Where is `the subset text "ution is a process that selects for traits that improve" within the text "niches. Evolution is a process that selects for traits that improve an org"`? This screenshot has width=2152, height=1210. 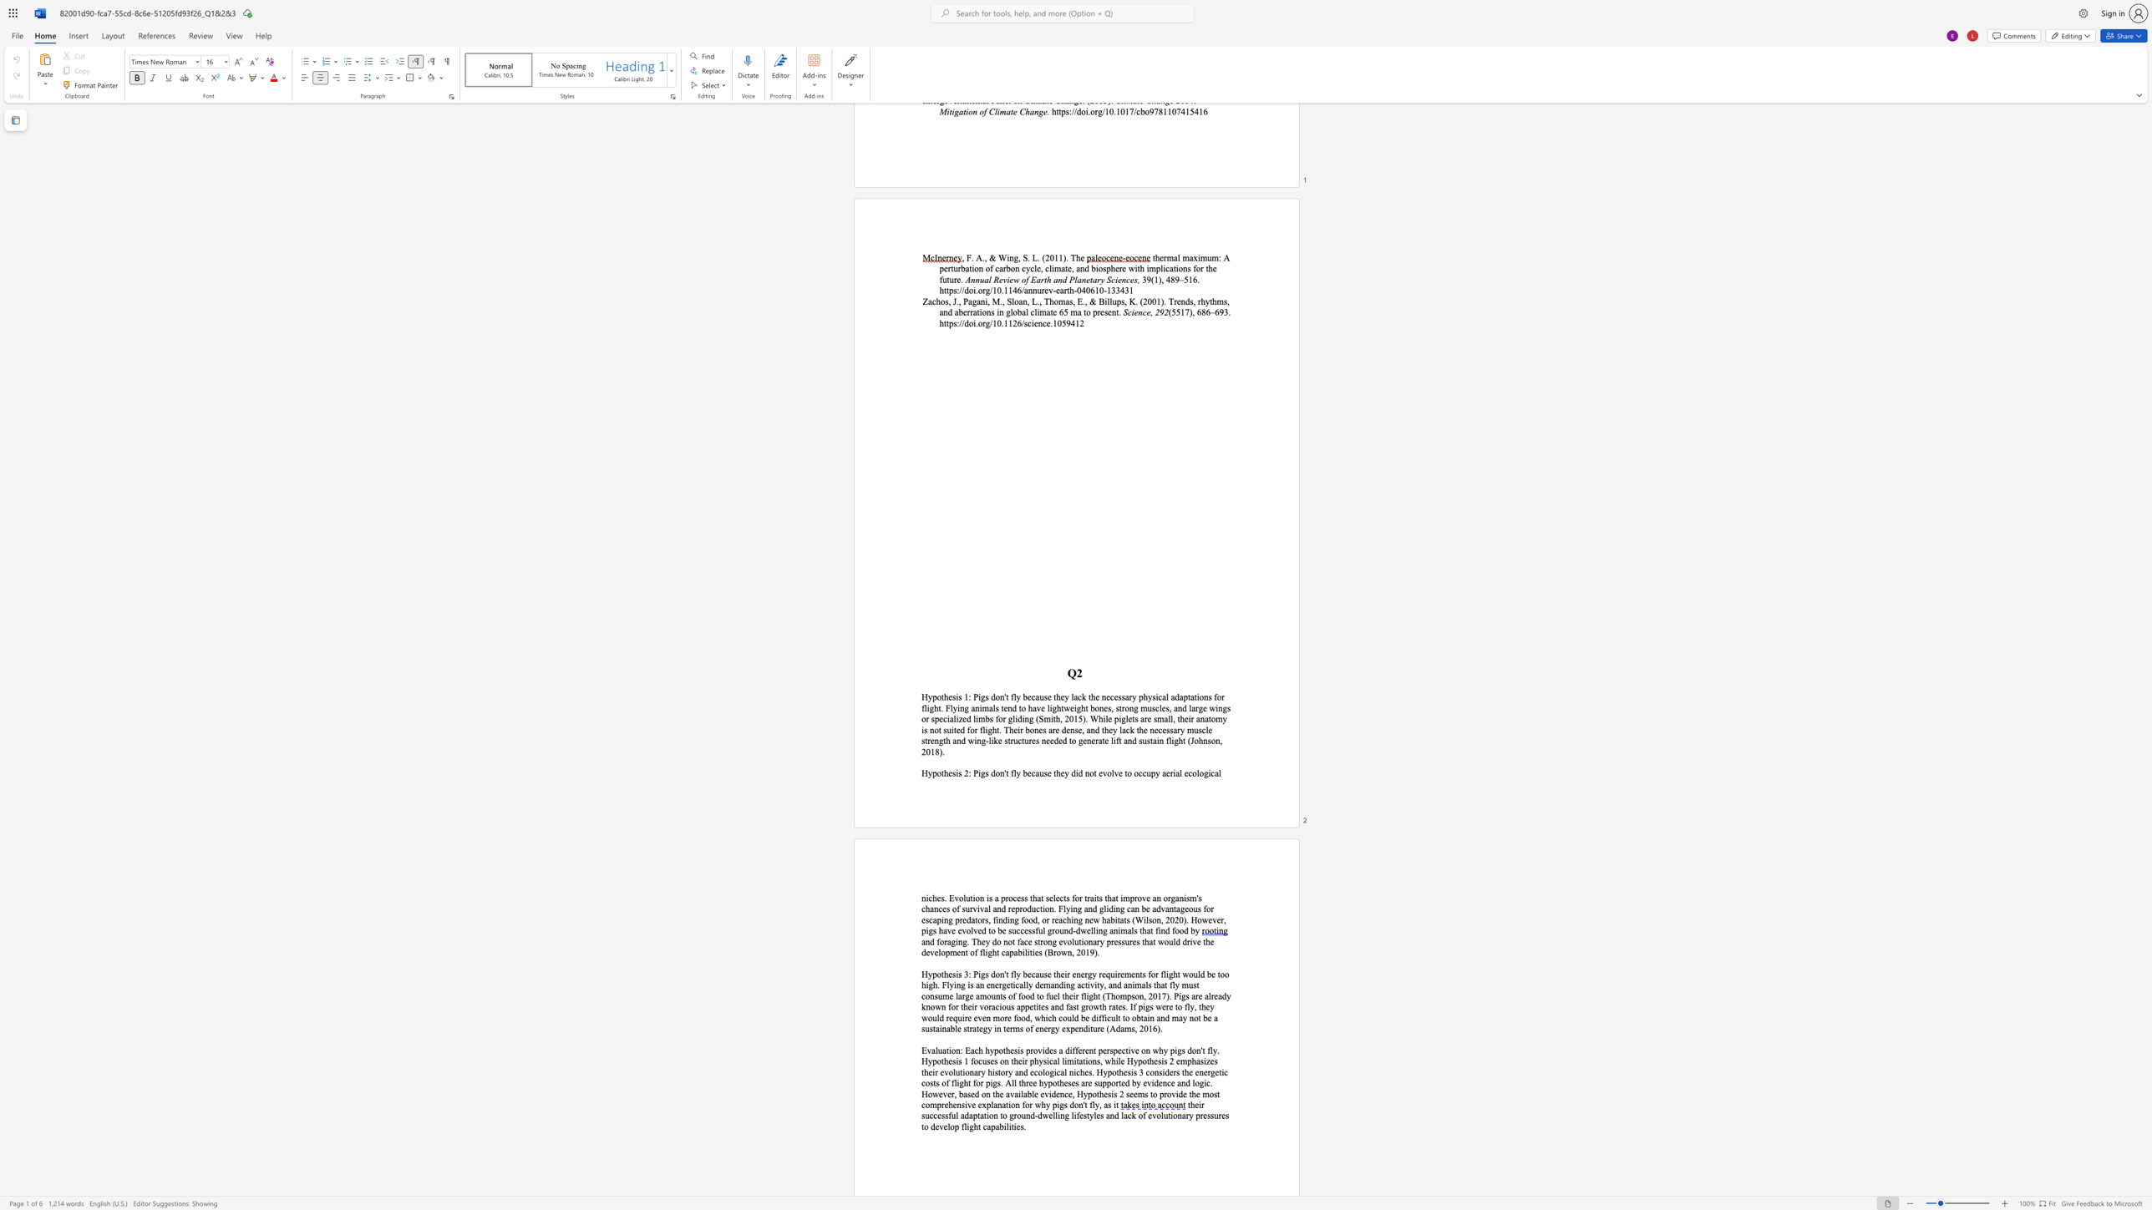
the subset text "ution is a process that selects for traits that improve" within the text "niches. Evolution is a process that selects for traits that improve an org" is located at coordinates (965, 898).